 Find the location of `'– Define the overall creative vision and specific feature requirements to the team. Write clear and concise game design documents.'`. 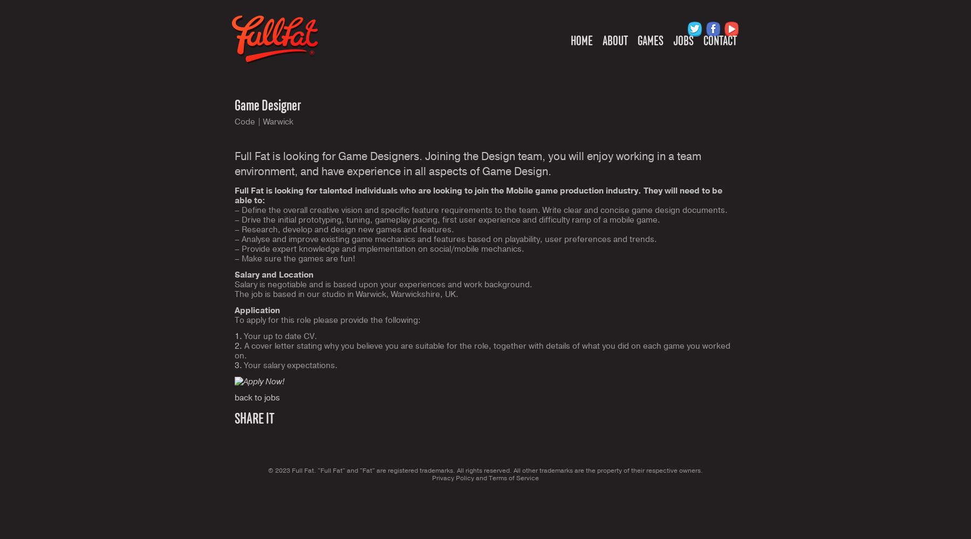

'– Define the overall creative vision and specific feature requirements to the team. Write clear and concise game design documents.' is located at coordinates (235, 210).